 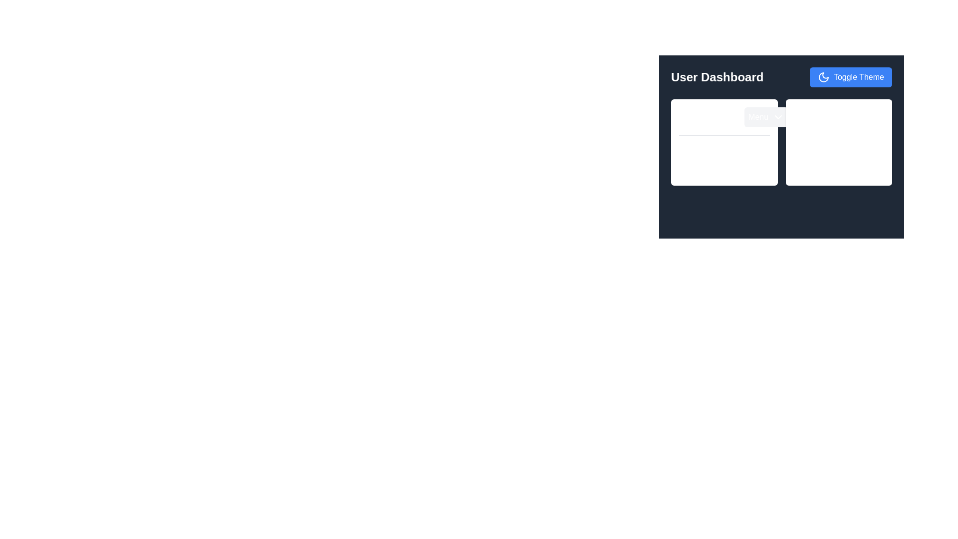 What do you see at coordinates (850, 76) in the screenshot?
I see `the 'Toggle Theme' button in the top-right corner of the User Dashboard` at bounding box center [850, 76].